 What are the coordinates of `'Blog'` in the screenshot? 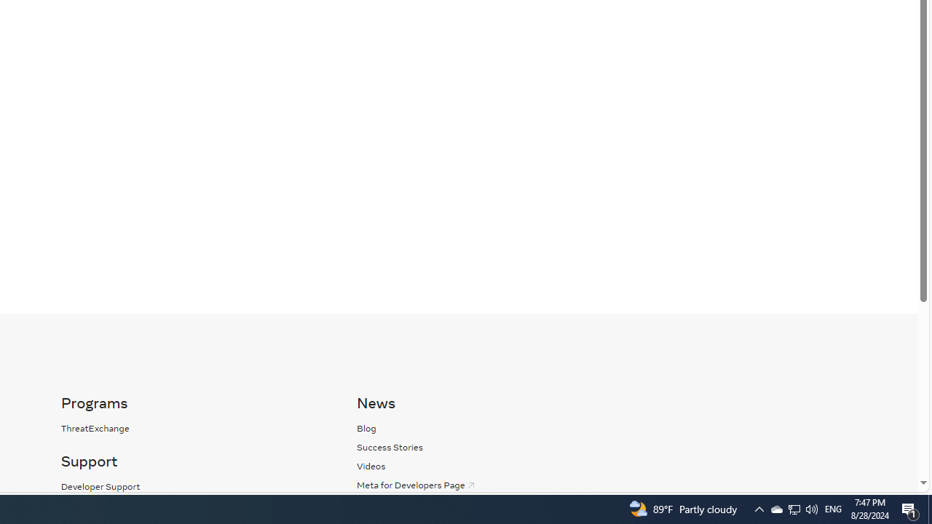 It's located at (489, 427).